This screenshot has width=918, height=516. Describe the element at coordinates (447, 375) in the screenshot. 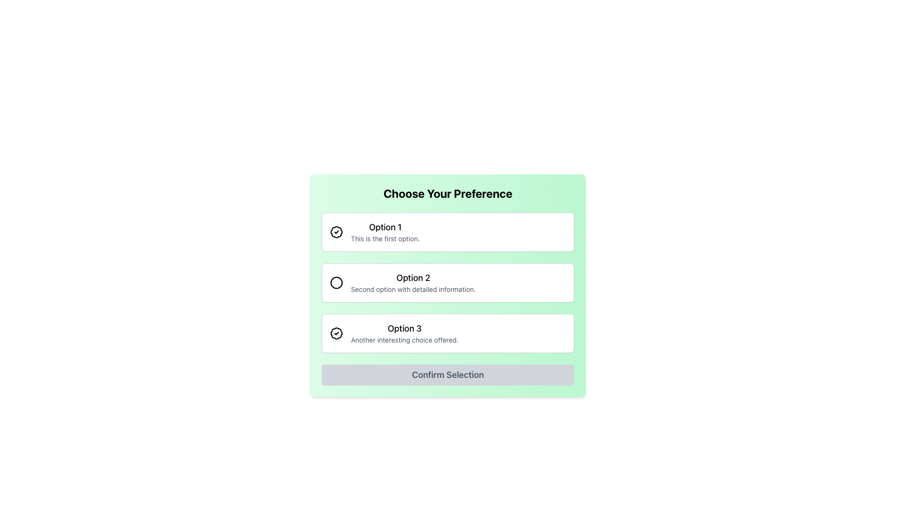

I see `the confirmation button located below the 'Choose Your Preference' options` at that location.